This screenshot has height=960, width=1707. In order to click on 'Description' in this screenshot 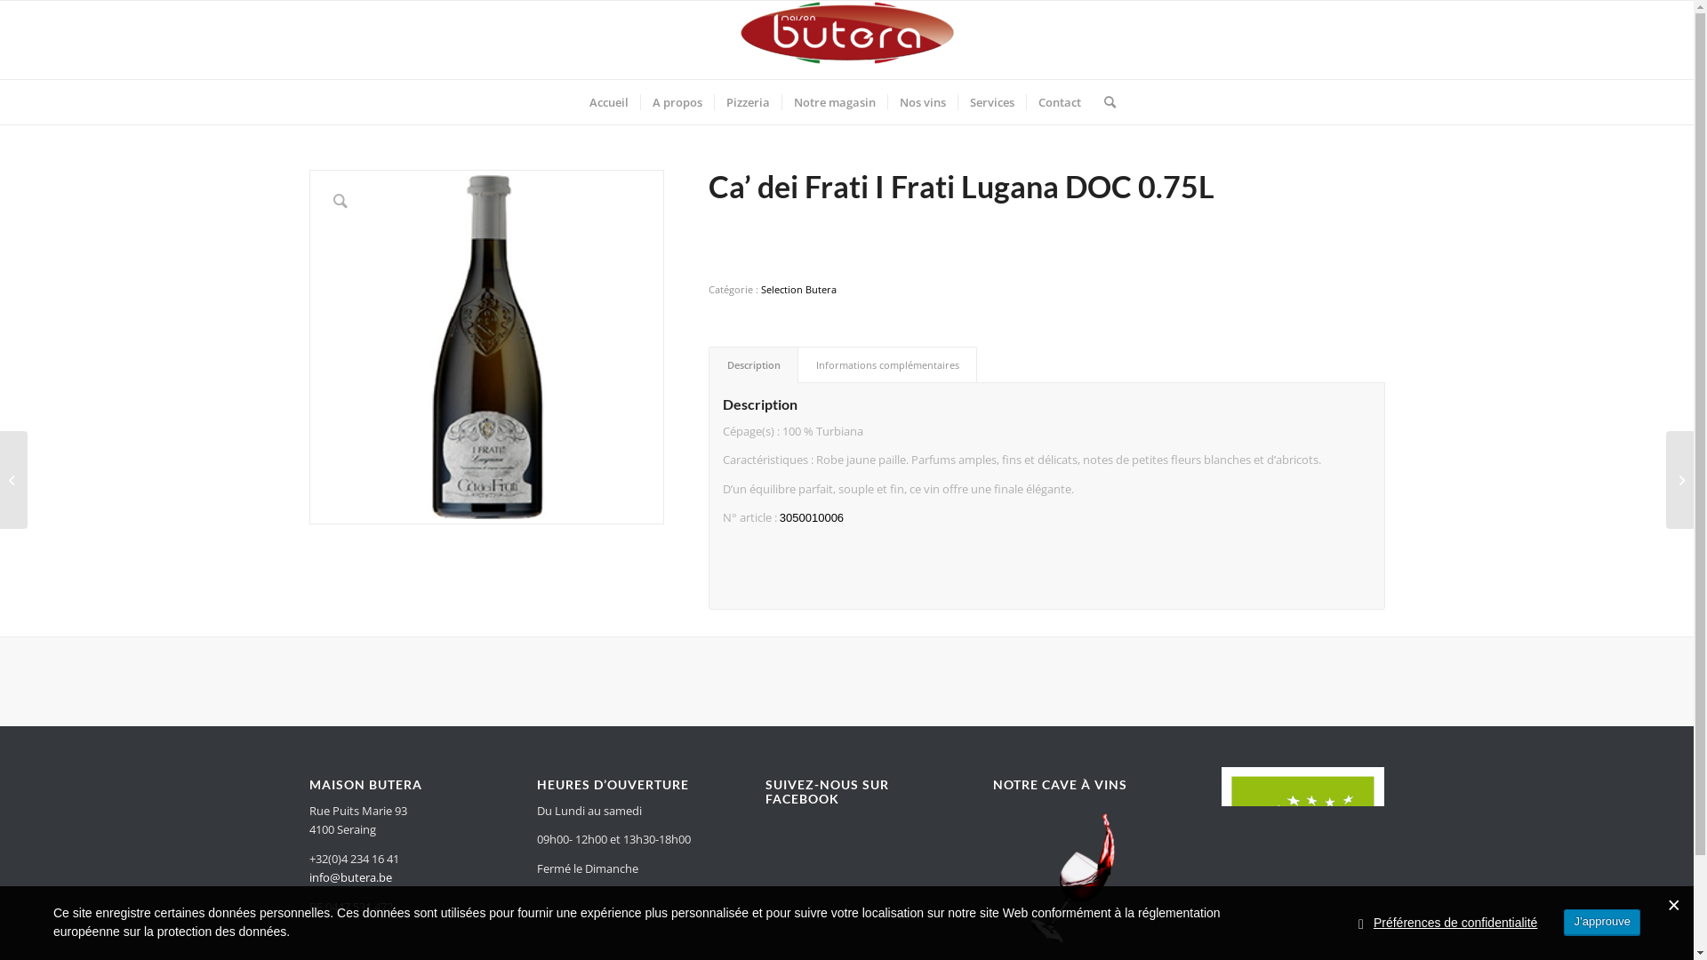, I will do `click(753, 364)`.